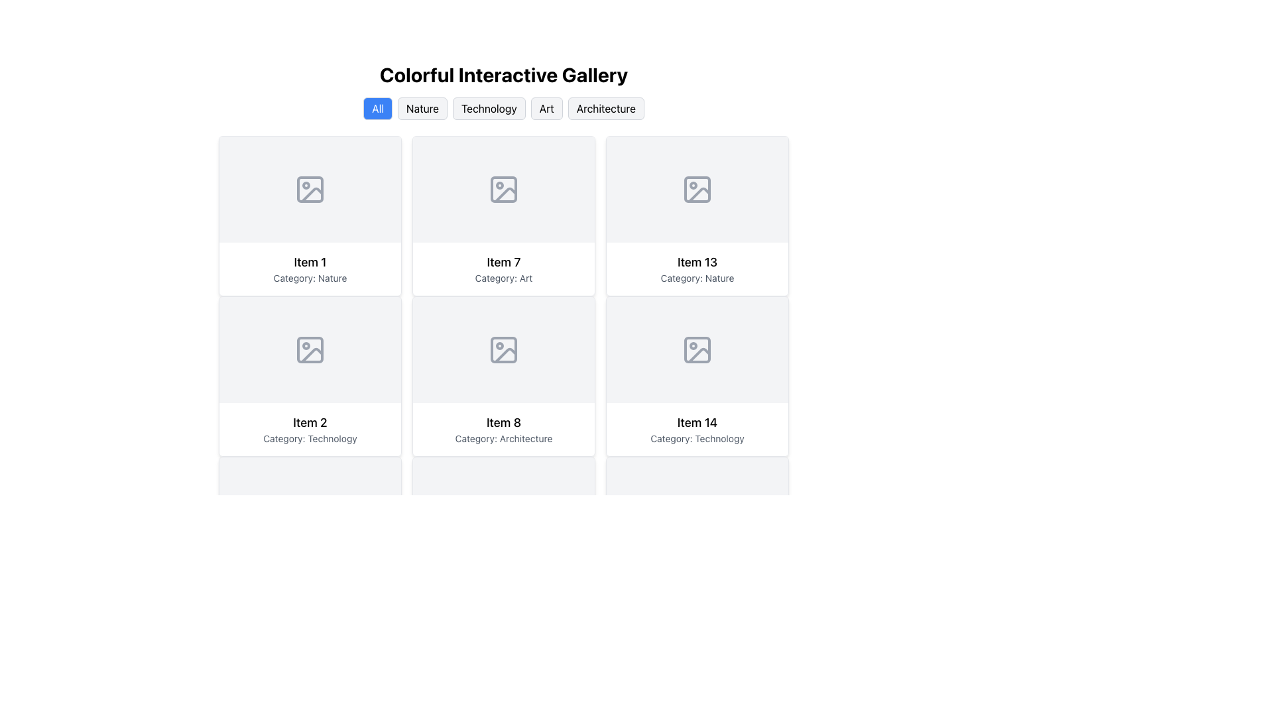 This screenshot has width=1273, height=716. What do you see at coordinates (309, 189) in the screenshot?
I see `the decorative rectangle with rounded corners, styled in soft gray, located in the upper-left corner of 'Item 1' under 'Nature'` at bounding box center [309, 189].